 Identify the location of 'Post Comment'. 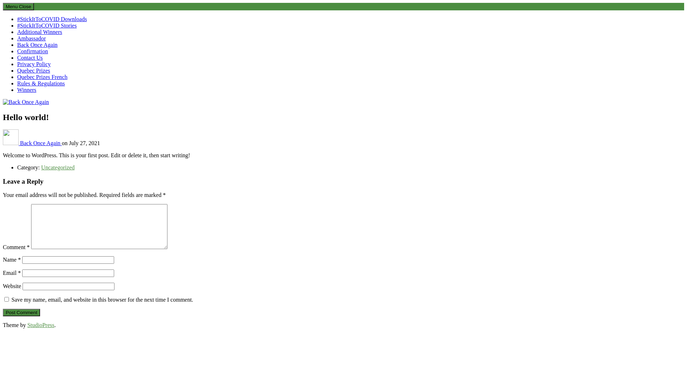
(21, 312).